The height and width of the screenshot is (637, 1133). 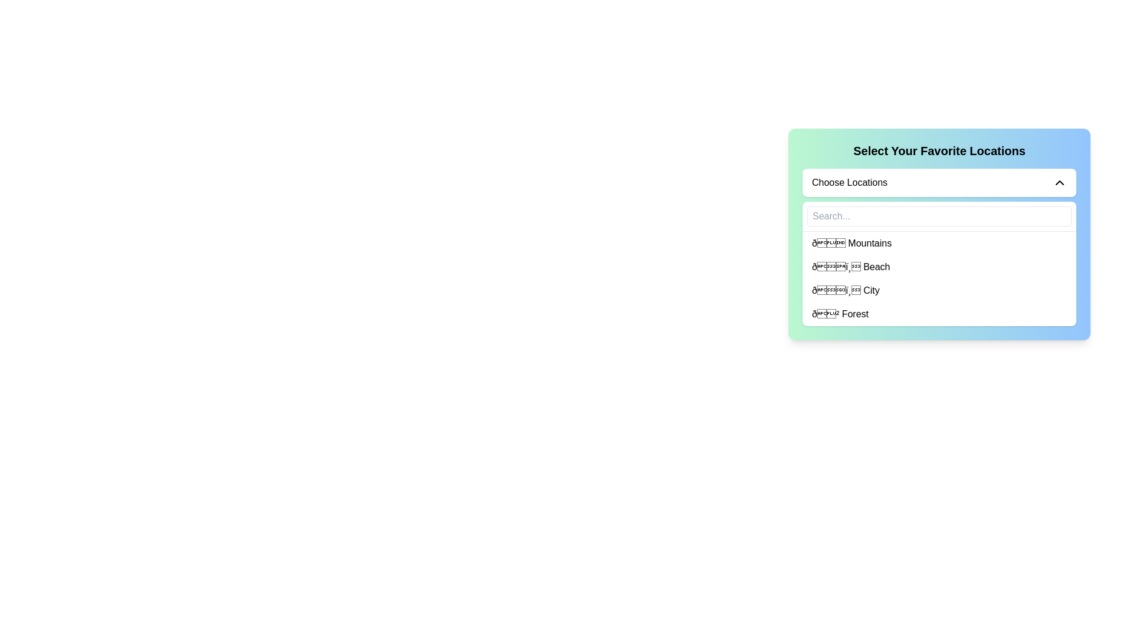 I want to click on the fourth item in the dropdown menu for selecting a location preference, which is positioned between 'City' and 'Desert', so click(x=939, y=313).